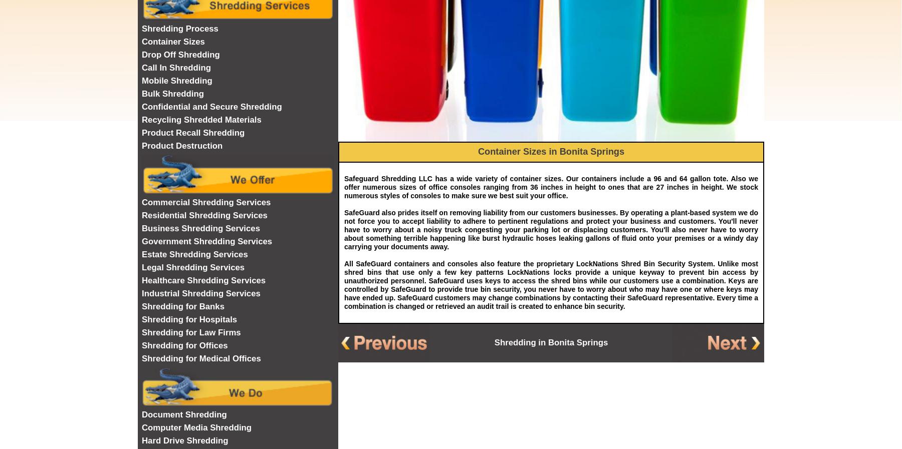 This screenshot has width=902, height=449. Describe the element at coordinates (141, 241) in the screenshot. I see `'Government Shredding Services'` at that location.